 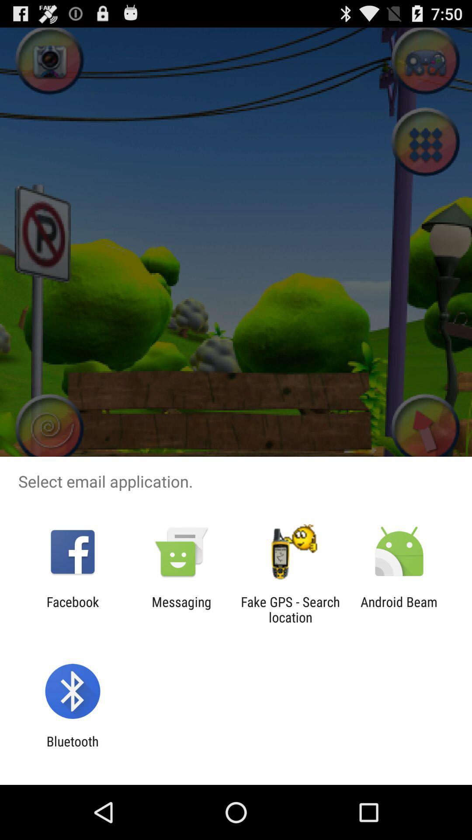 What do you see at coordinates (290, 609) in the screenshot?
I see `fake gps search app` at bounding box center [290, 609].